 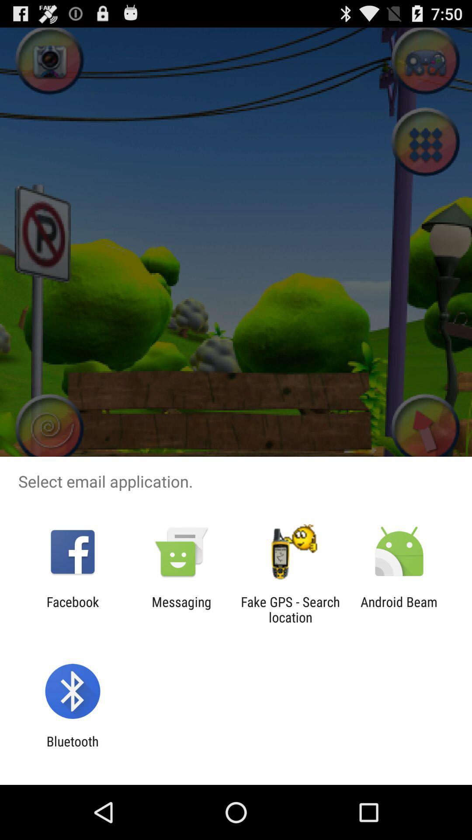 What do you see at coordinates (290, 609) in the screenshot?
I see `fake gps search app` at bounding box center [290, 609].